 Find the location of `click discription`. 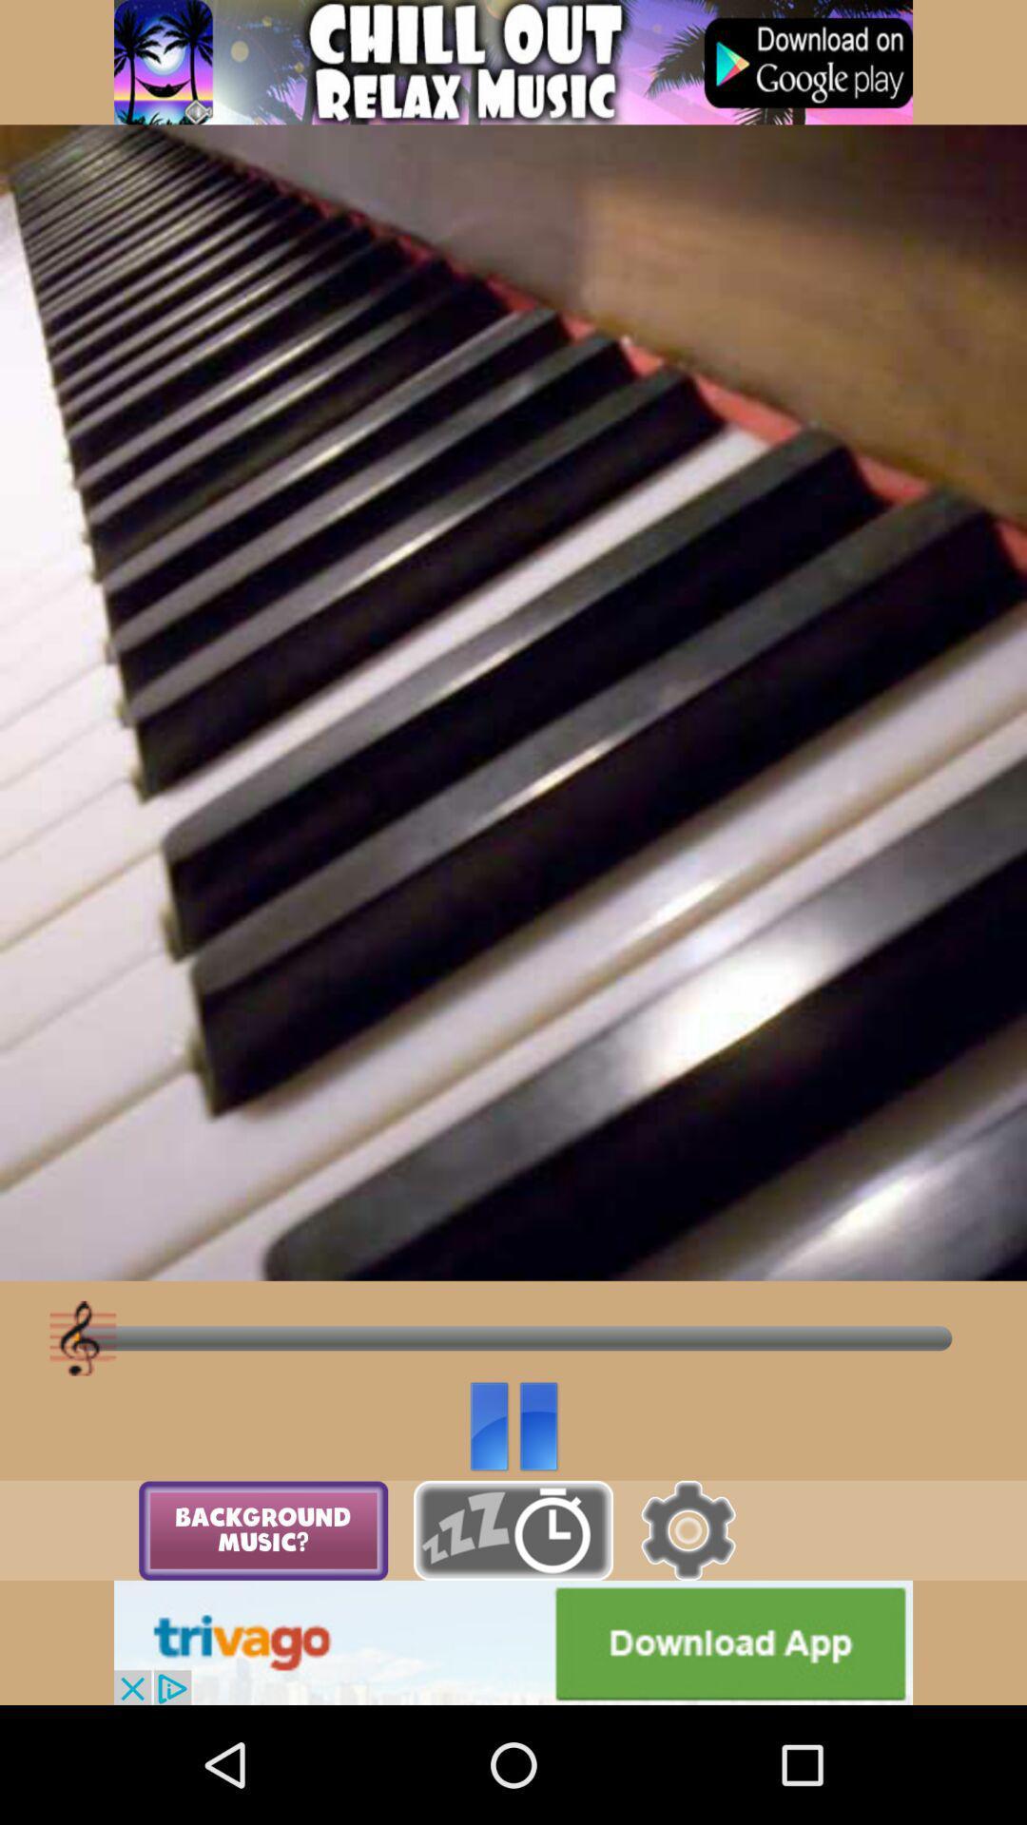

click discription is located at coordinates (513, 62).